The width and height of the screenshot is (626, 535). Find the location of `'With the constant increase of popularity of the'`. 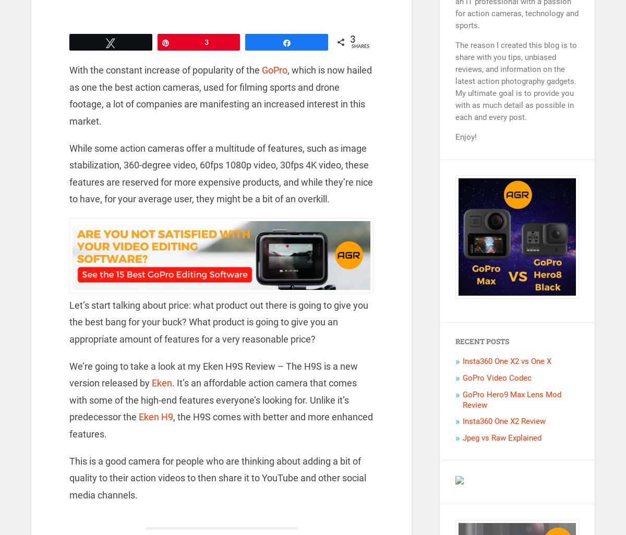

'With the constant increase of popularity of the' is located at coordinates (69, 70).